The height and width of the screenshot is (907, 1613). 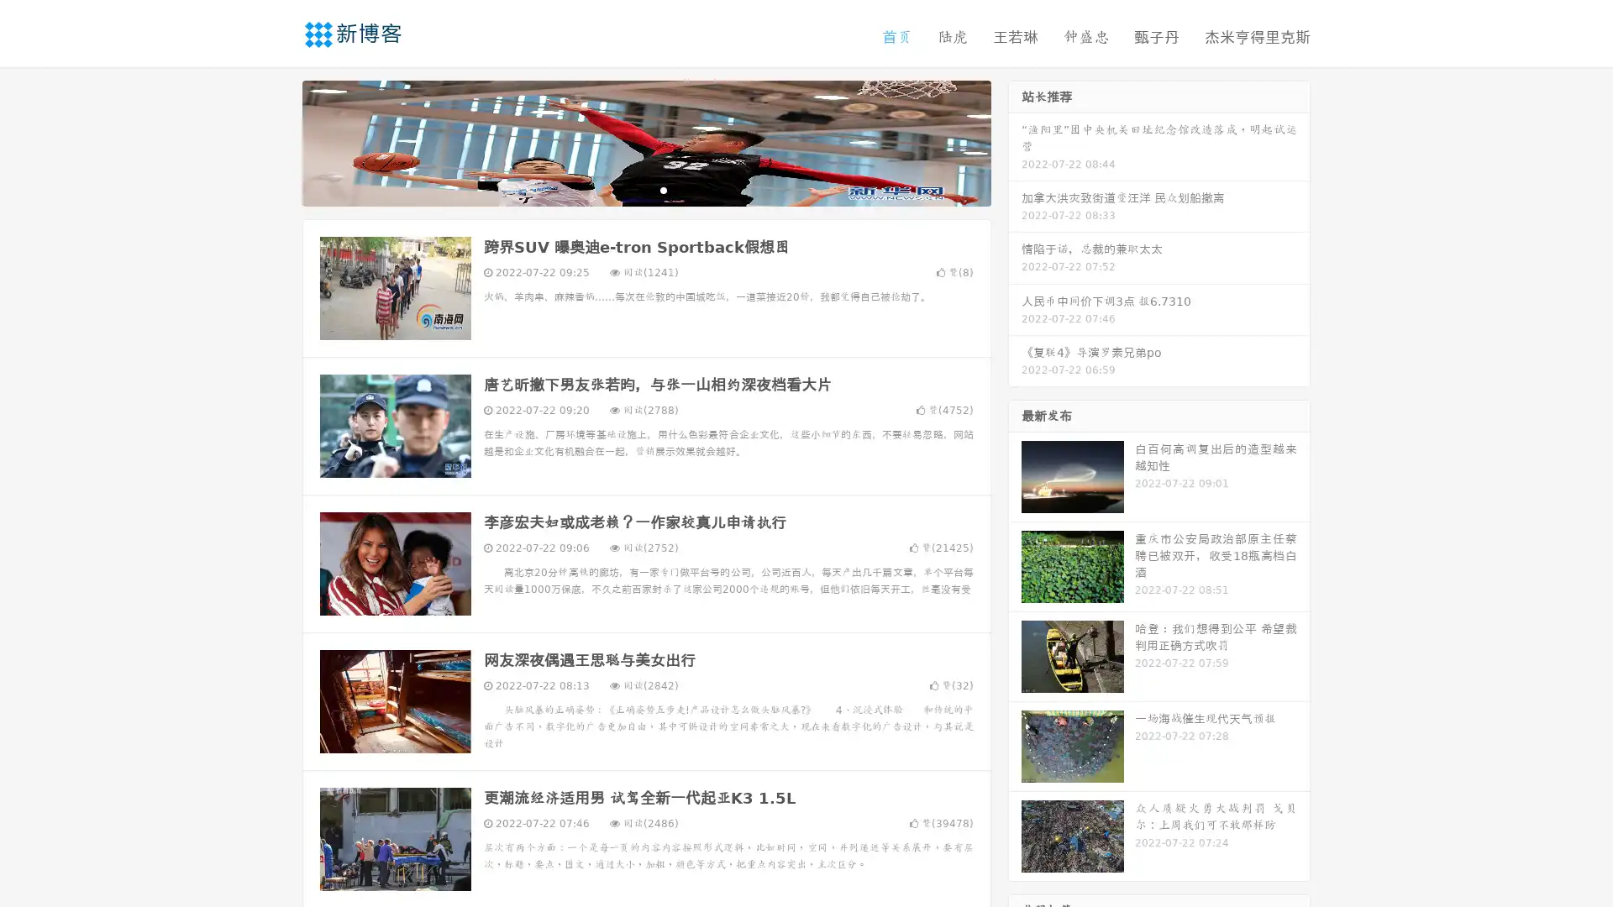 What do you see at coordinates (277, 141) in the screenshot?
I see `Previous slide` at bounding box center [277, 141].